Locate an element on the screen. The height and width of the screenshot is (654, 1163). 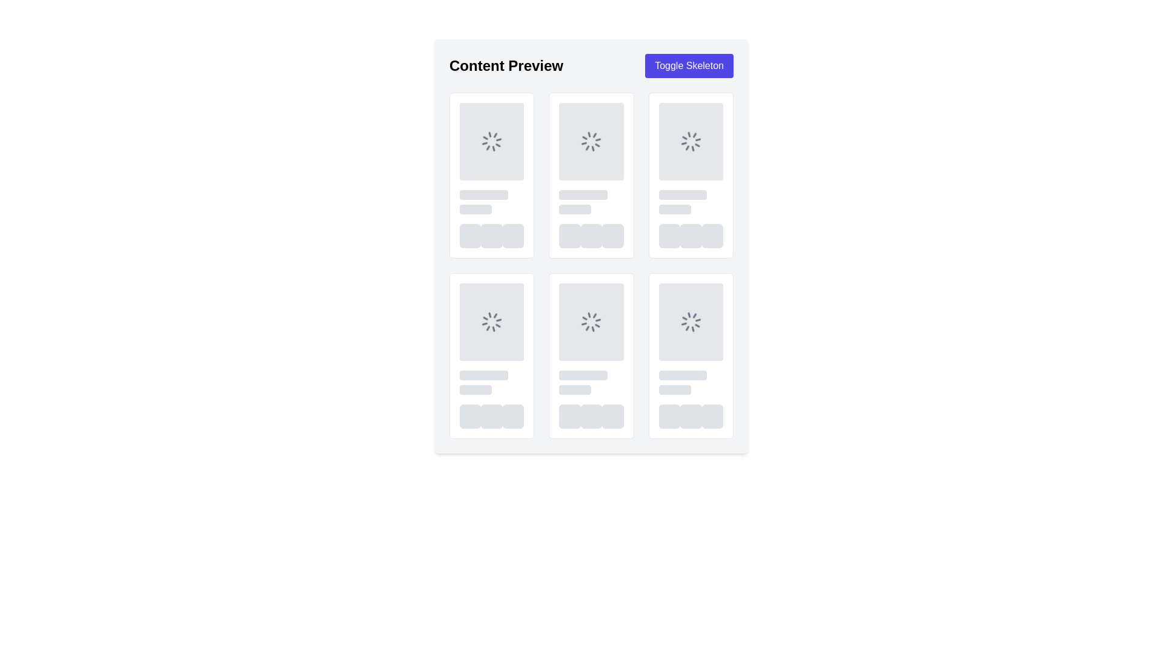
the Loading Skeleton Placeholder, which is positioned in the middle row of the second column of a grid layout, serving as a loading placeholder for content is located at coordinates (492, 383).